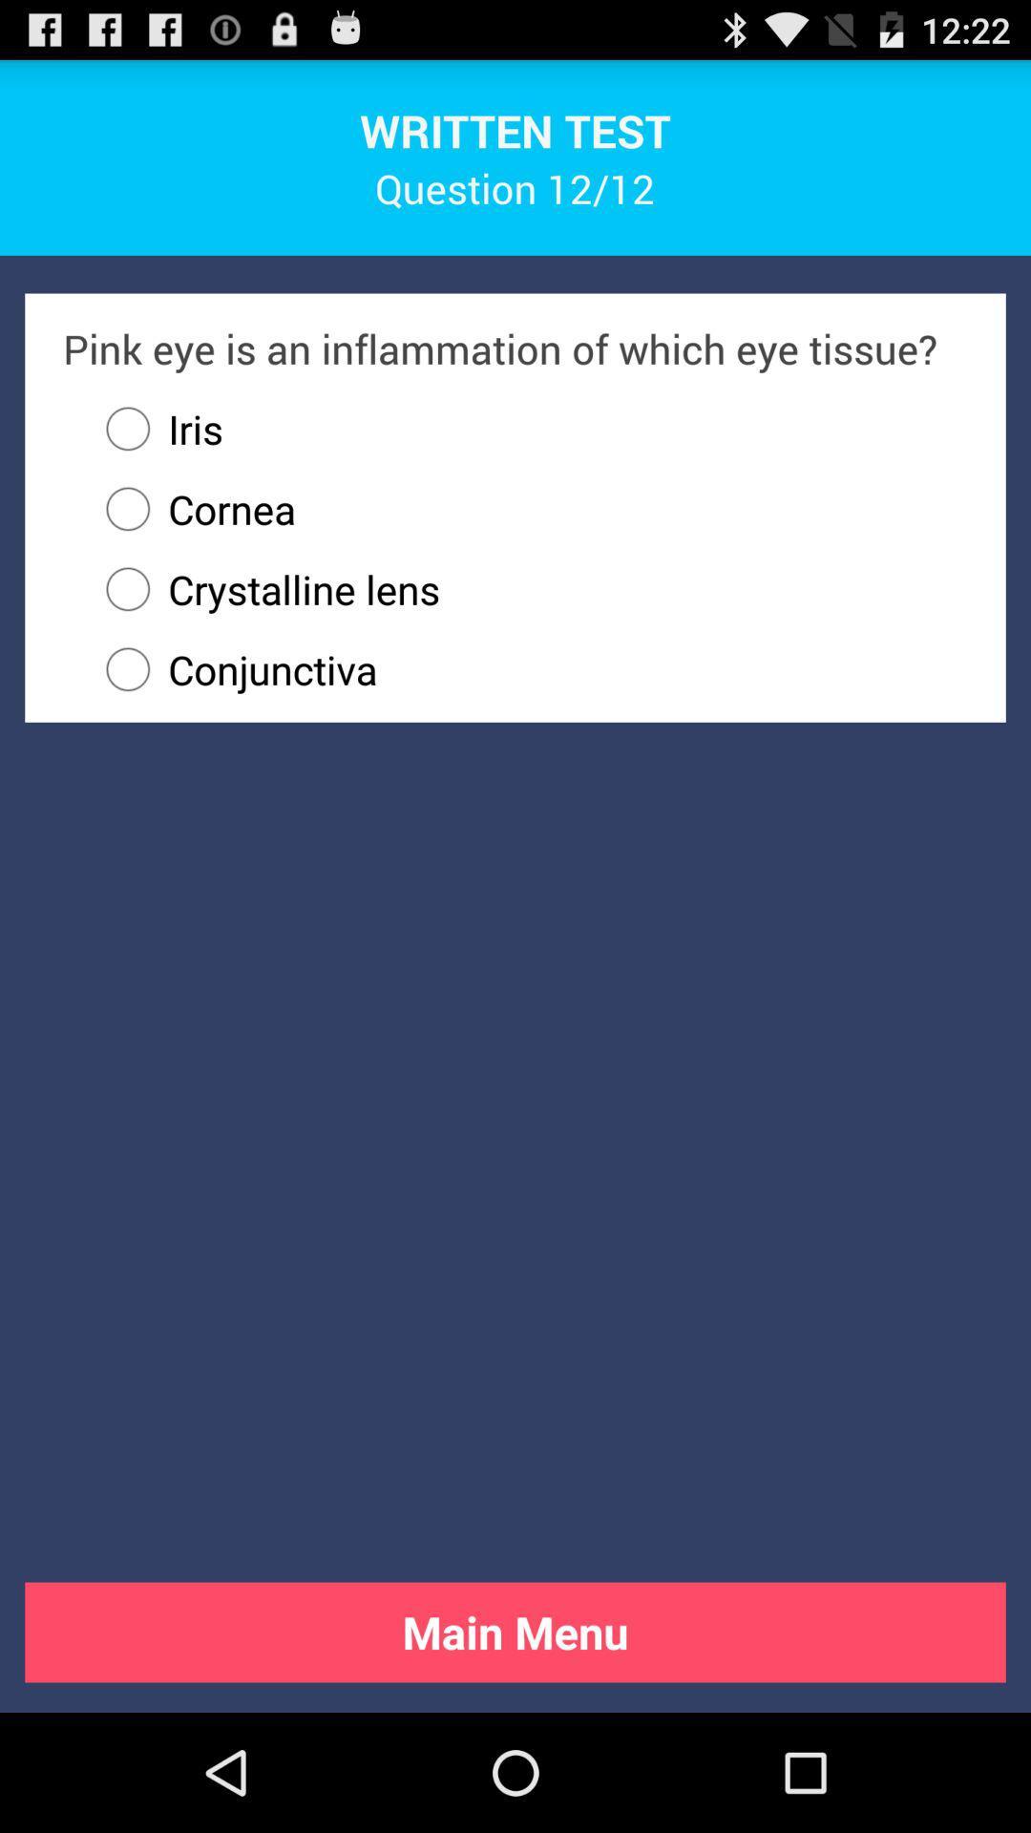 The height and width of the screenshot is (1833, 1031). I want to click on the item above the conjunctiva radio button, so click(528, 588).